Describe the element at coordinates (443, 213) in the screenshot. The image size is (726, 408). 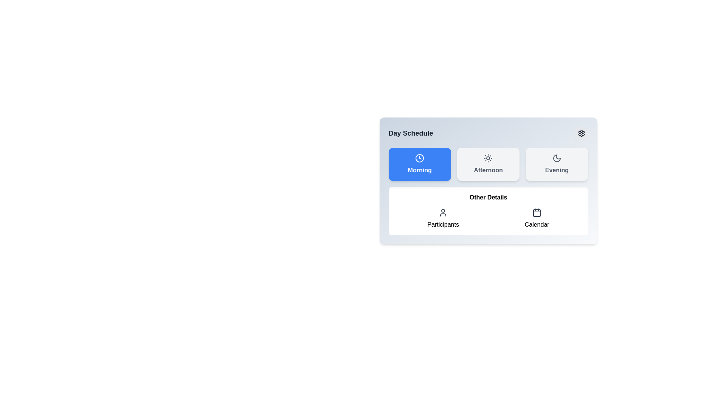
I see `the SVG icon representing a user or participant, which is` at that location.